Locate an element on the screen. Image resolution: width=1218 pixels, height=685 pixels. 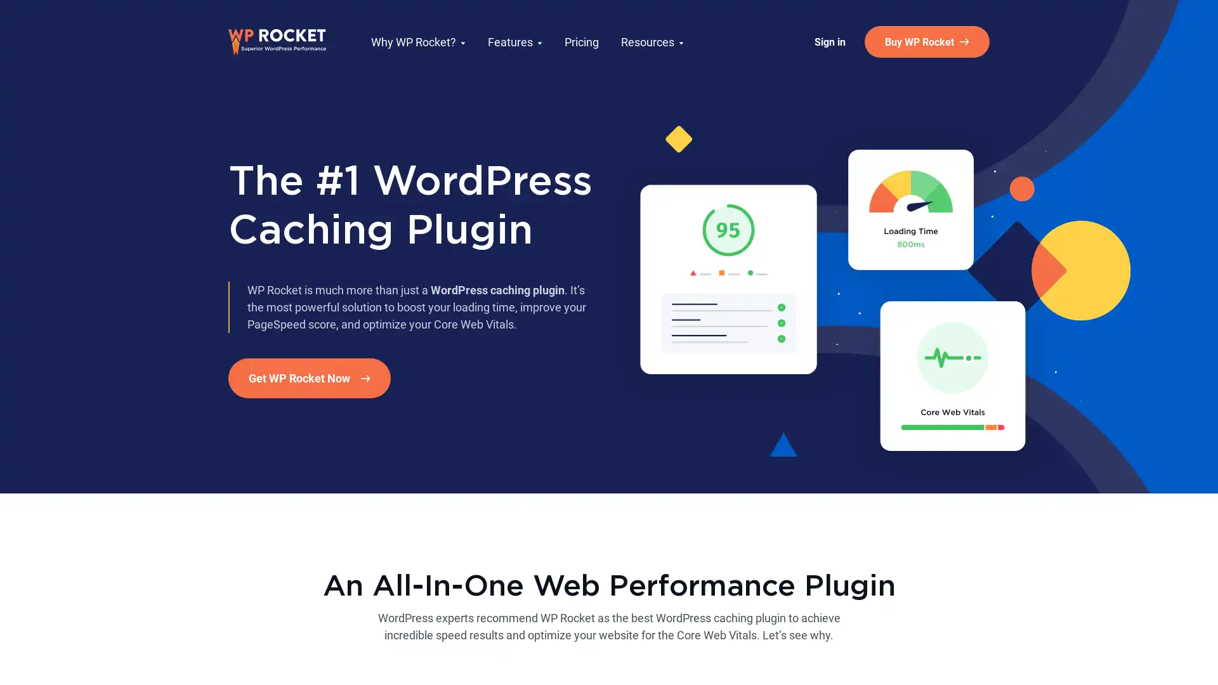
Why WP Rocket? is located at coordinates (418, 41).